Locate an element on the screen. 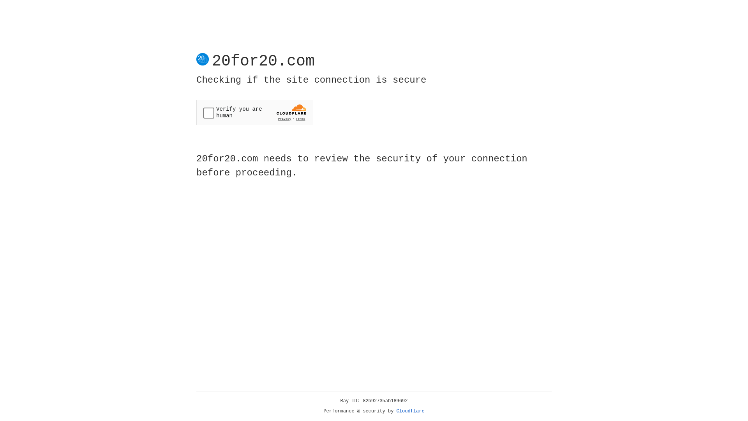 Image resolution: width=748 pixels, height=421 pixels. 'Cloudflare' is located at coordinates (410, 411).